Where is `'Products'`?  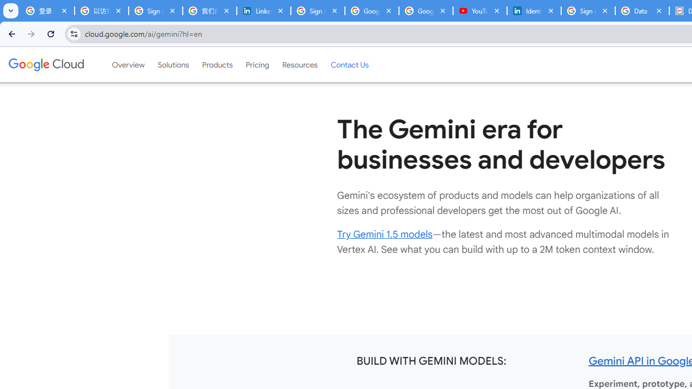
'Products' is located at coordinates (216, 64).